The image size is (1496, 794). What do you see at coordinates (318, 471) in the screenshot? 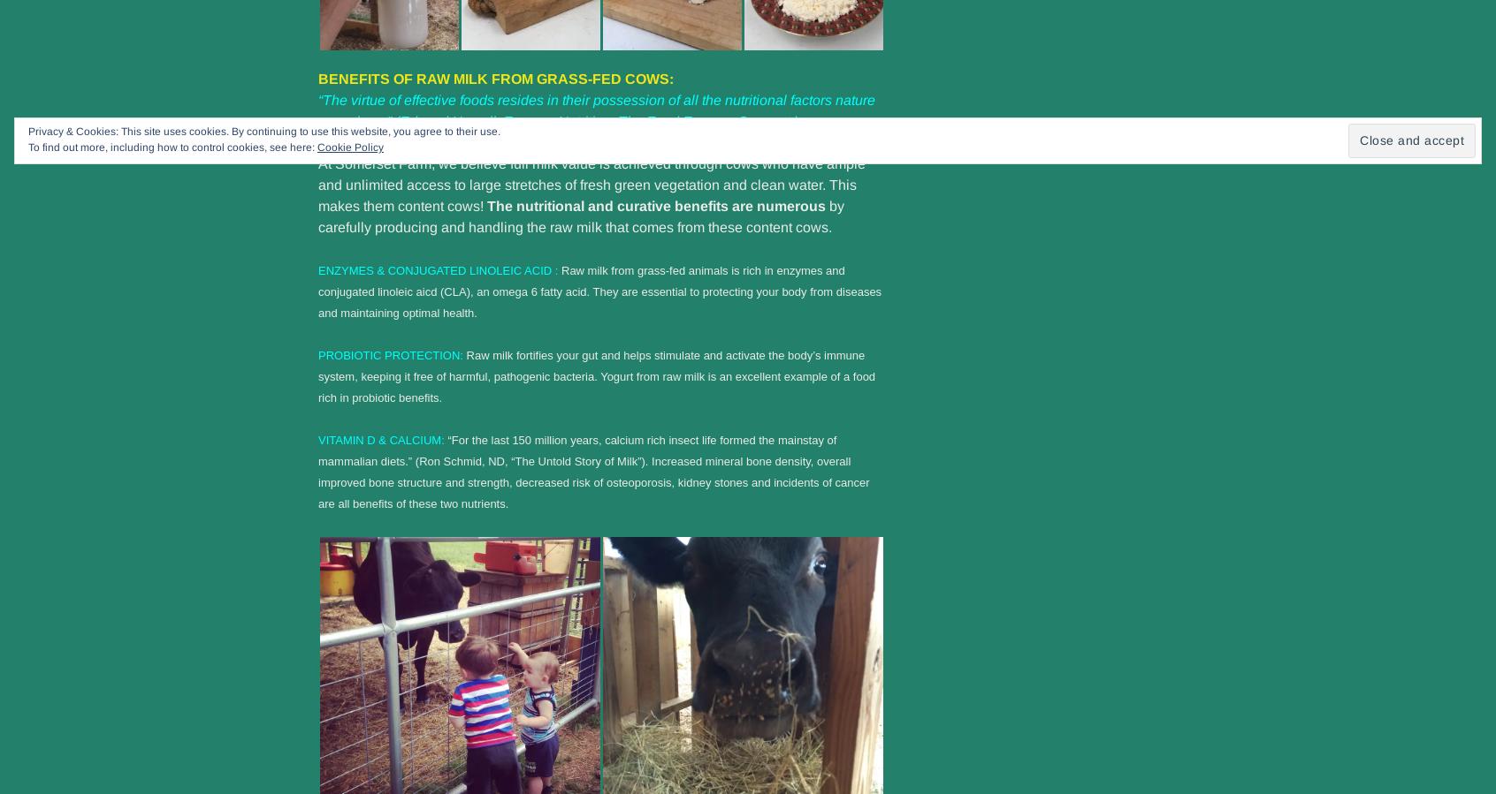
I see `'“For the last 150 million years, calcium rich insect life formed the mainstay of mammalian diets.” (Ron Schmid, ND, “The Untold Story of Milk”). Increased mineral bone density, overall improved bone structure and strength, decreased risk of osteoporosis, kidney stones and incidents of cancer are all benefits of these two nutrients.'` at bounding box center [318, 471].